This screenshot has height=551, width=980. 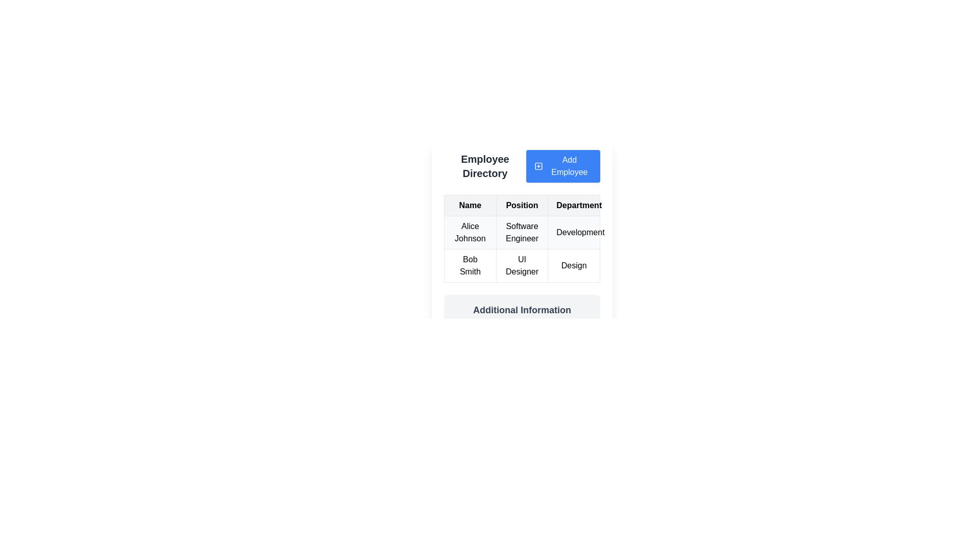 What do you see at coordinates (522, 265) in the screenshot?
I see `the label displaying 'UI Designer'` at bounding box center [522, 265].